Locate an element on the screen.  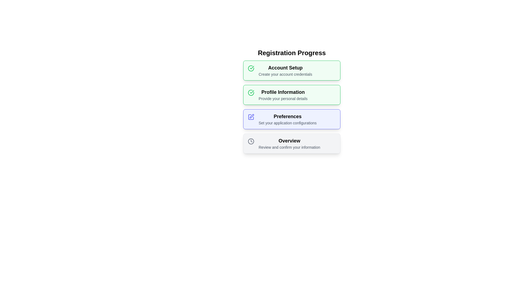
text of the second step in the registration process, which is contained within a green box and provides a title and description for entering profile information is located at coordinates (283, 95).